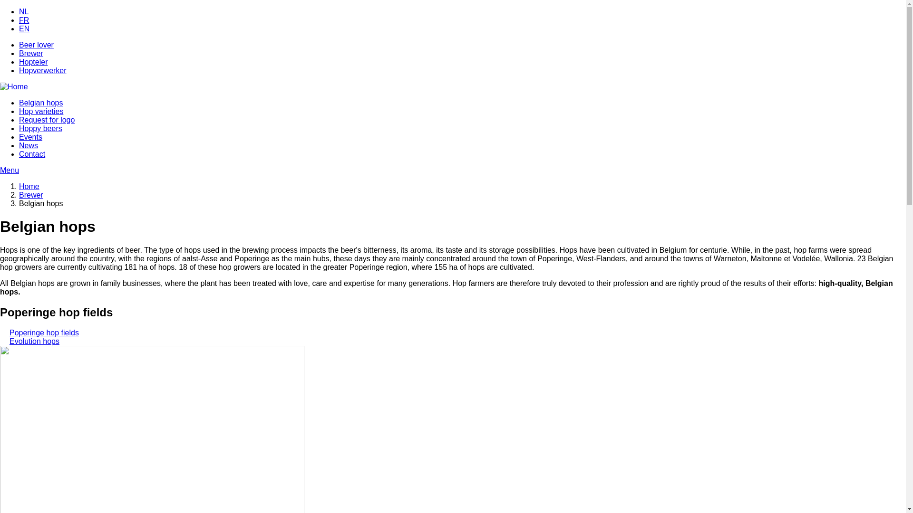 The width and height of the screenshot is (913, 513). What do you see at coordinates (36, 45) in the screenshot?
I see `'Beer lover'` at bounding box center [36, 45].